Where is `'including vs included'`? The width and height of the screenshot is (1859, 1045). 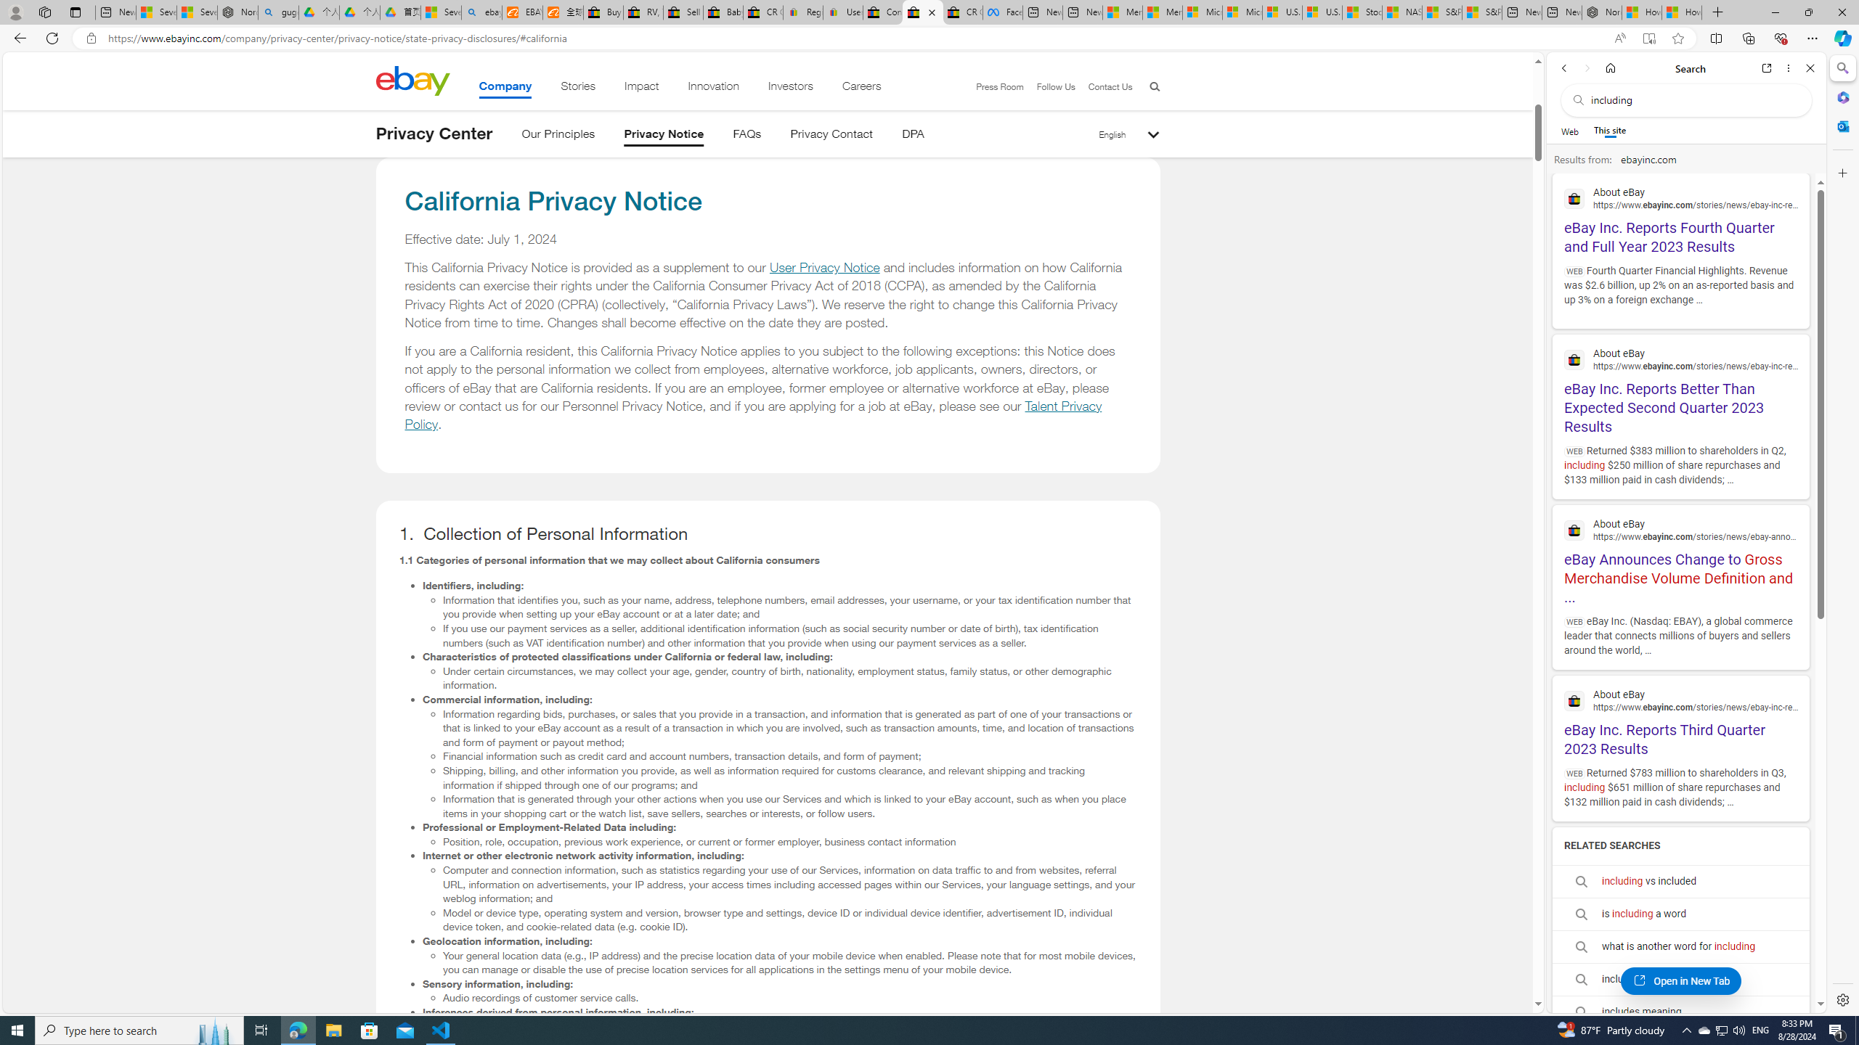
'including vs included' is located at coordinates (1680, 881).